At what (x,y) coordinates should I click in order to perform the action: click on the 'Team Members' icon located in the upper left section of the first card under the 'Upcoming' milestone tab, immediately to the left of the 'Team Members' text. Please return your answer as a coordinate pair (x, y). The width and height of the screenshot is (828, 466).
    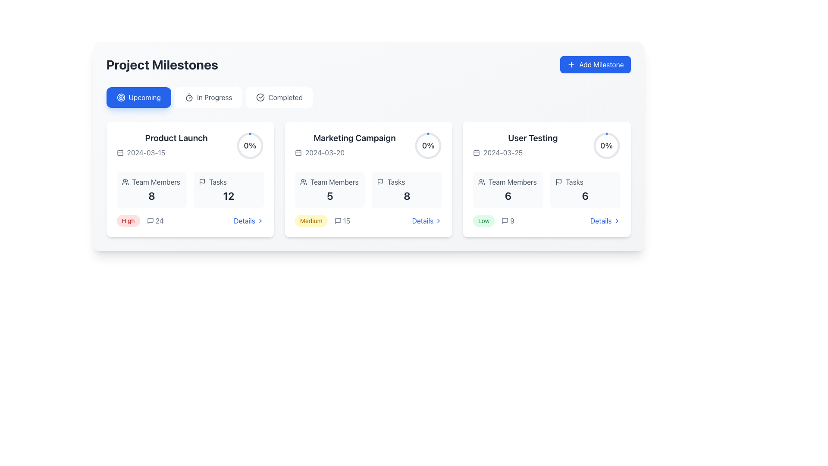
    Looking at the image, I should click on (125, 181).